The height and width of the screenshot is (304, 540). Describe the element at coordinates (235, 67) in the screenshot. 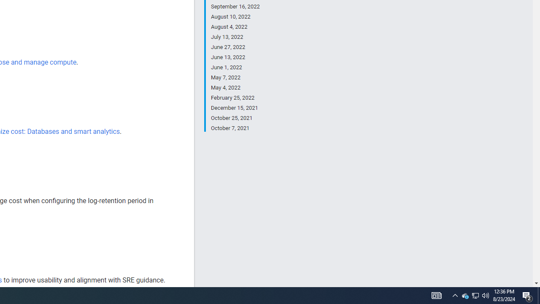

I see `'June 1, 2022'` at that location.